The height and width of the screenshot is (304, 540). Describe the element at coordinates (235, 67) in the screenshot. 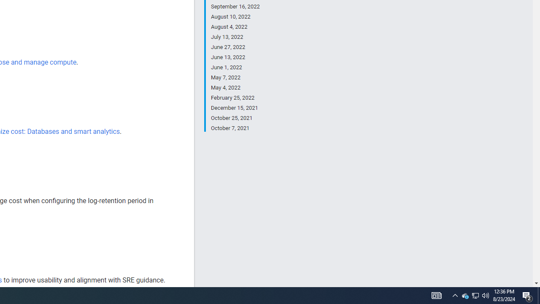

I see `'June 1, 2022'` at that location.